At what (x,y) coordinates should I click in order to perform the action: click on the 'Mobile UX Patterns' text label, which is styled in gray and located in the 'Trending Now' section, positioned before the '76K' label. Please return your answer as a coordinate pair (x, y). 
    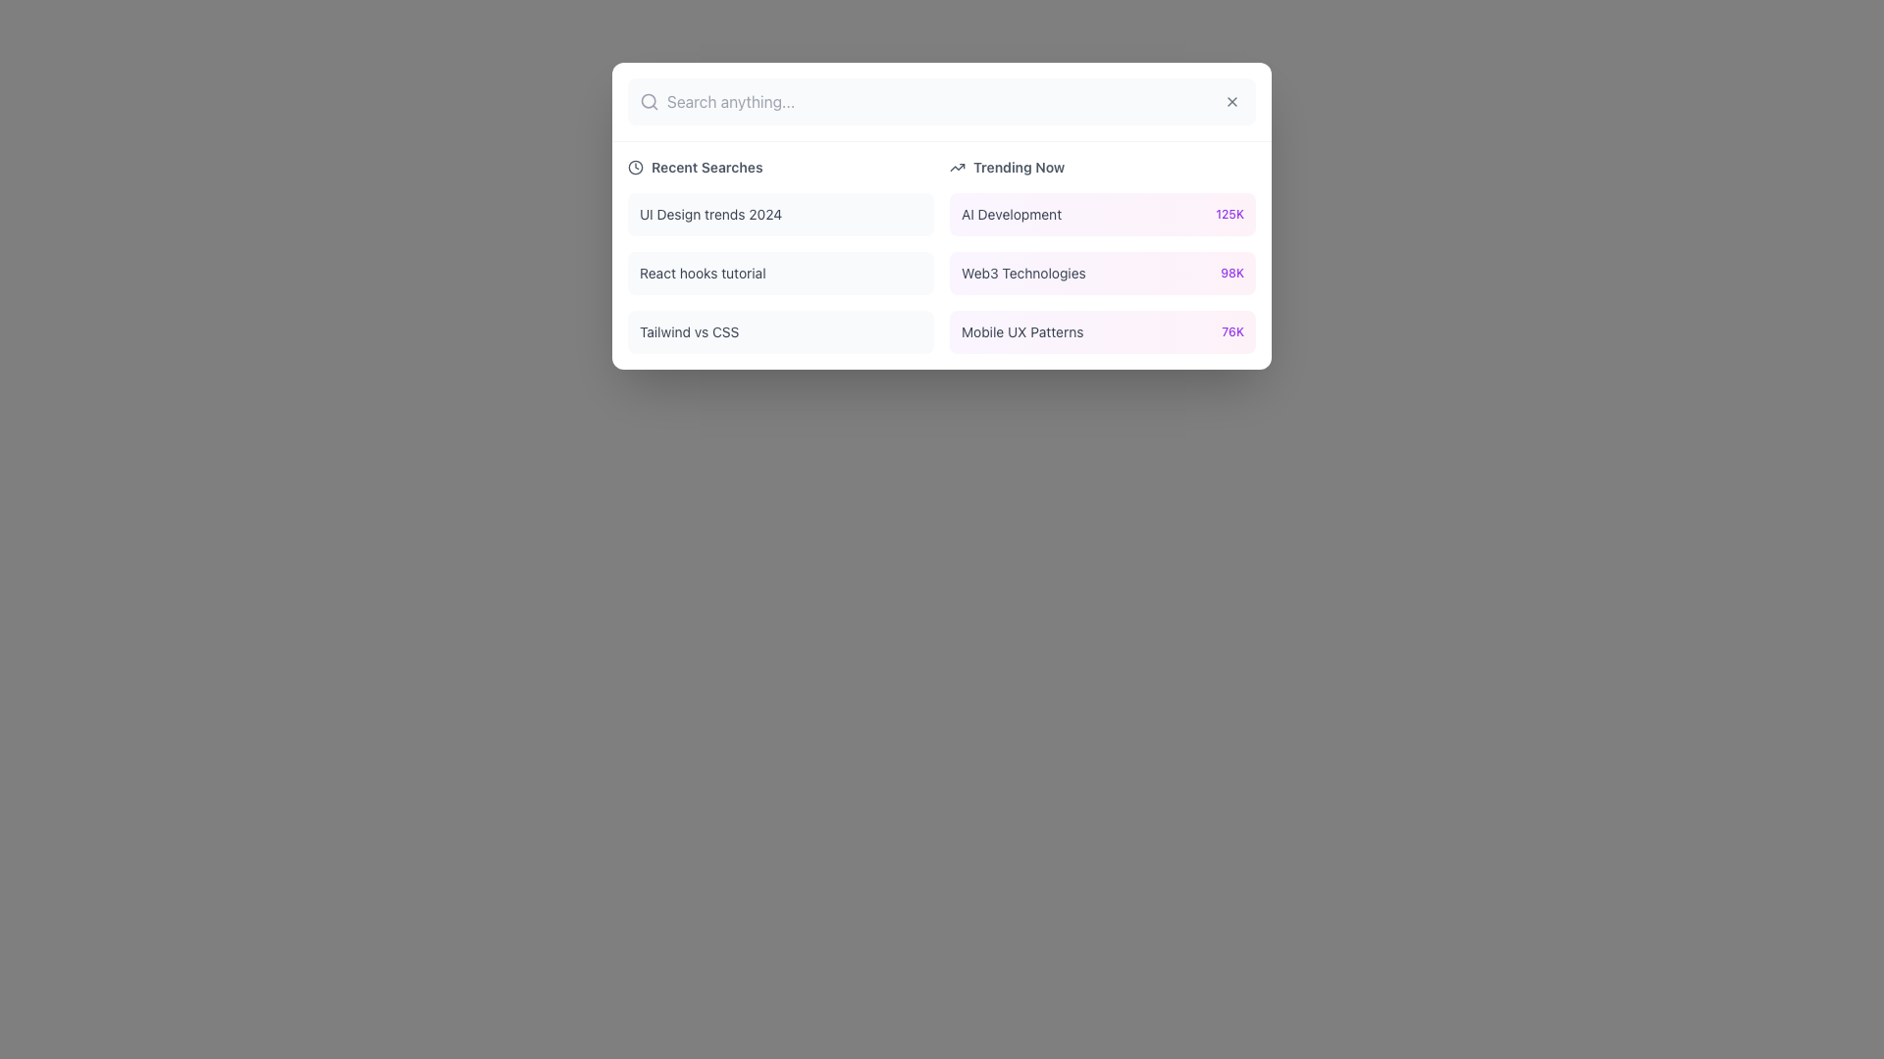
    Looking at the image, I should click on (1021, 331).